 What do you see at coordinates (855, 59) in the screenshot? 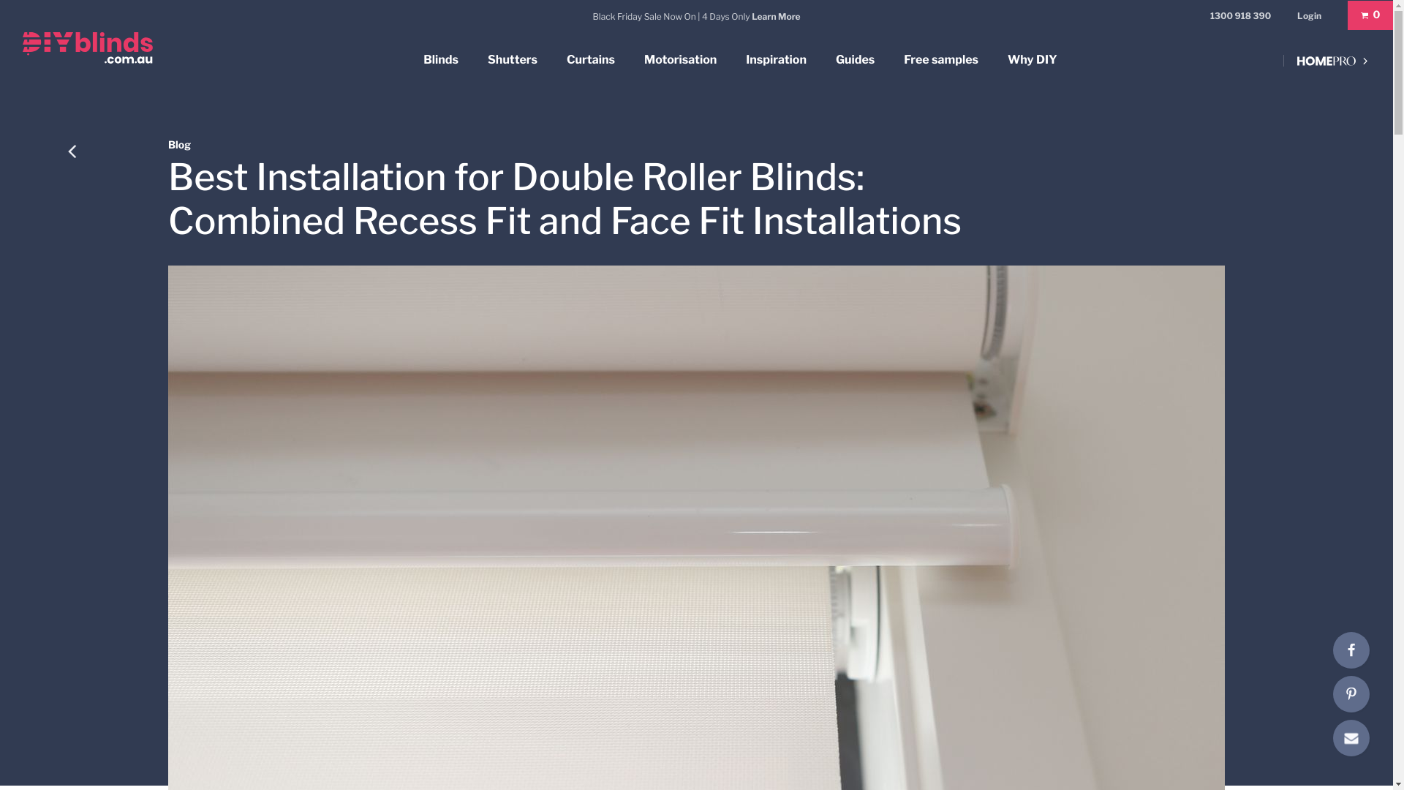
I see `'Guides'` at bounding box center [855, 59].